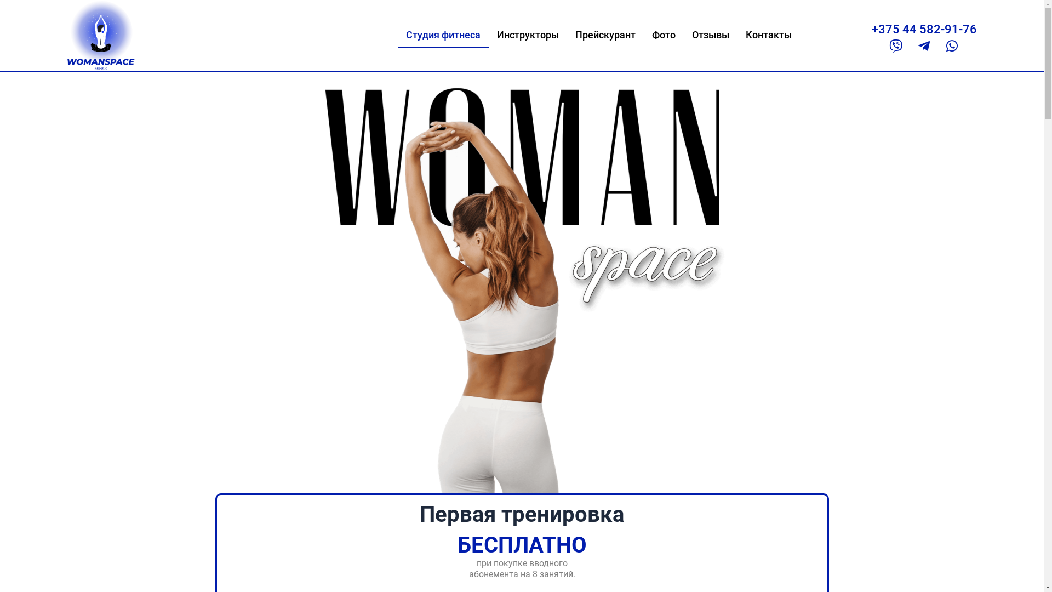  I want to click on '+375 44 582-91-76', so click(871, 29).